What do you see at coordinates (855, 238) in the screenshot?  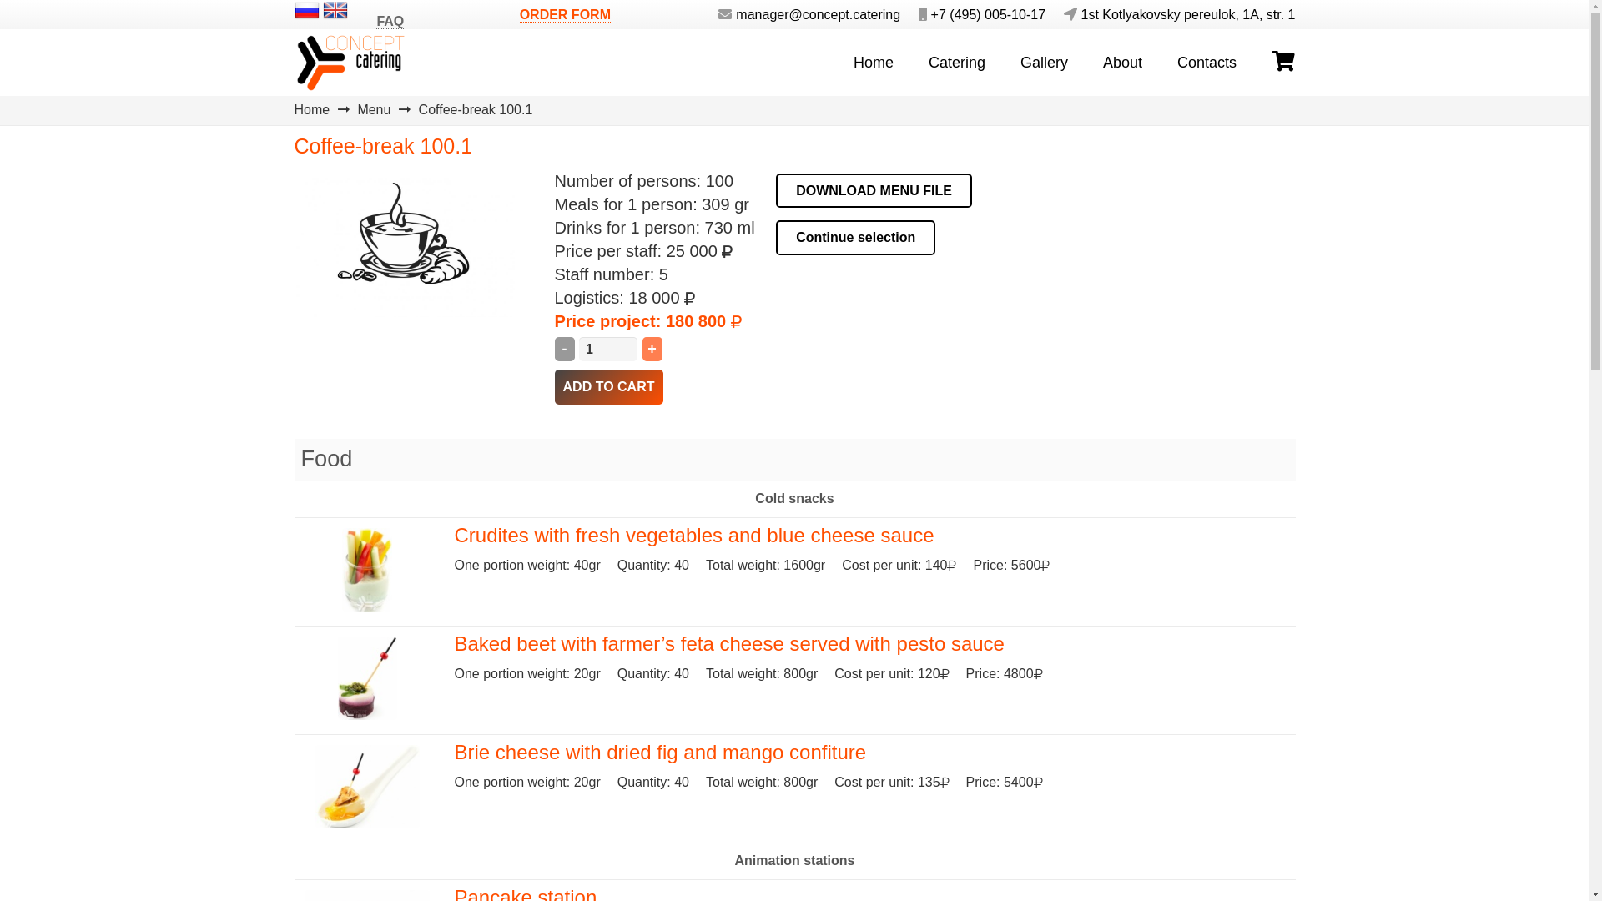 I see `'Continue selection'` at bounding box center [855, 238].